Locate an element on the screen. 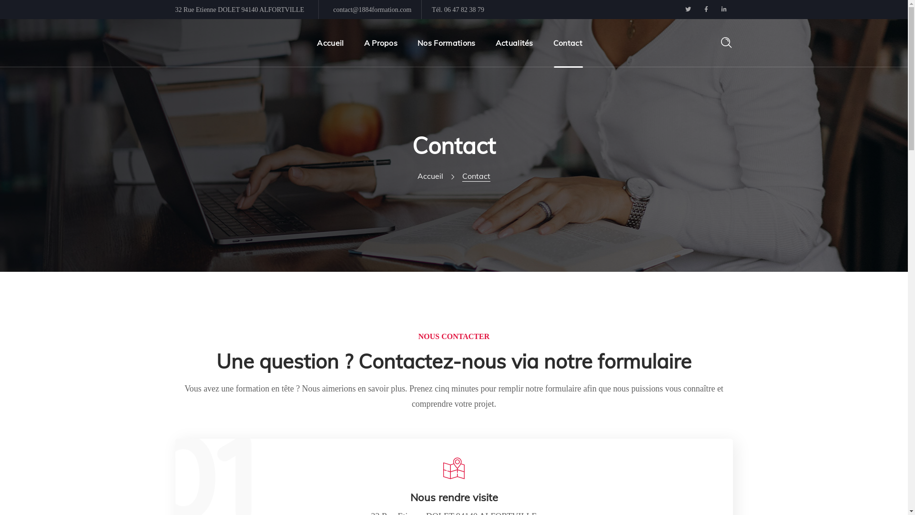  'Rechercher' is located at coordinates (693, 34).